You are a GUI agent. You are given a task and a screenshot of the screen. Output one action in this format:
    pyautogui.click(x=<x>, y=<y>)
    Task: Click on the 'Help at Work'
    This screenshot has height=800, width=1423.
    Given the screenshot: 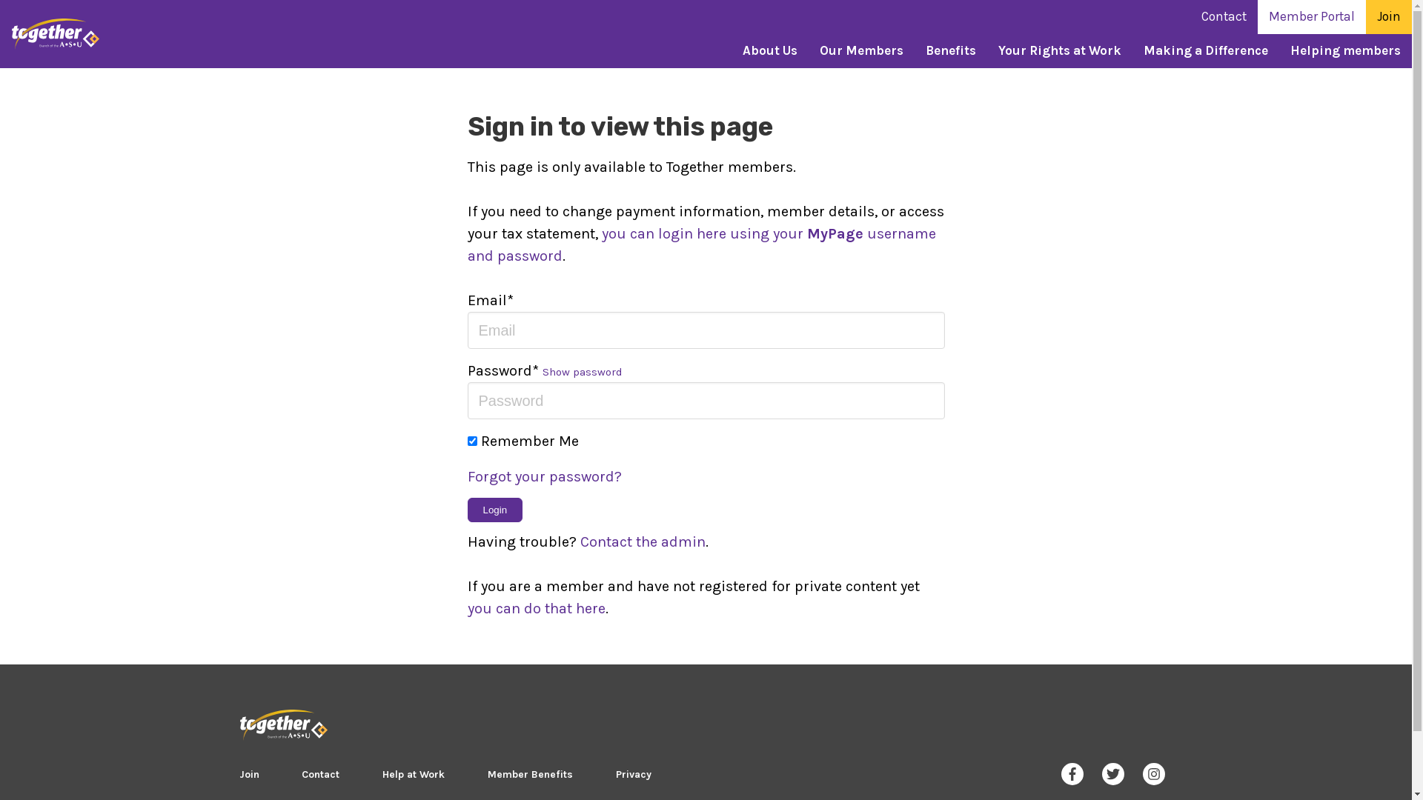 What is the action you would take?
    pyautogui.click(x=413, y=773)
    